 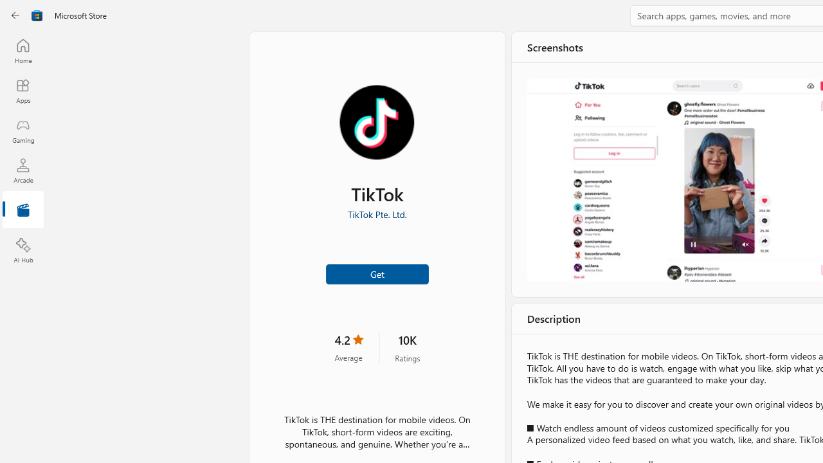 I want to click on 'Class: Image', so click(x=37, y=15).